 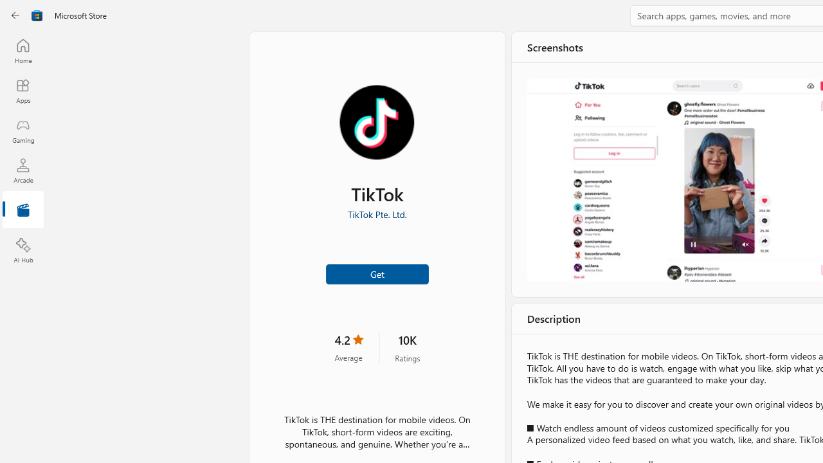 I want to click on 'Class: Image', so click(x=37, y=15).